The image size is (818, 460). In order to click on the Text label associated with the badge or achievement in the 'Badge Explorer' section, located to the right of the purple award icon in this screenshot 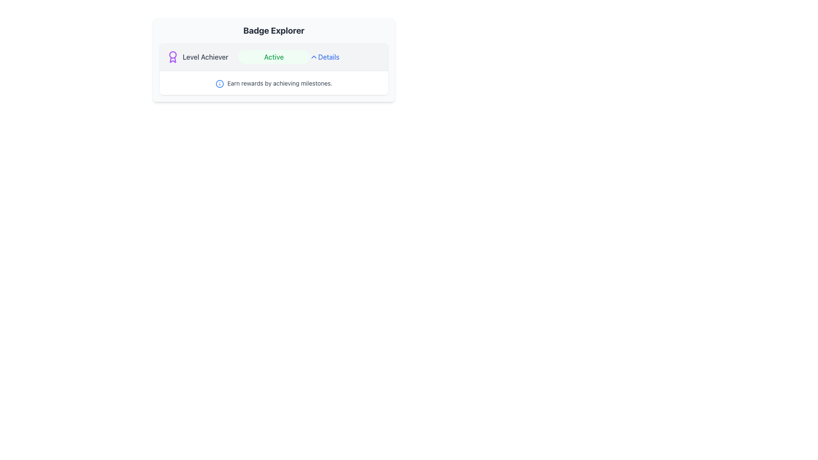, I will do `click(205, 57)`.